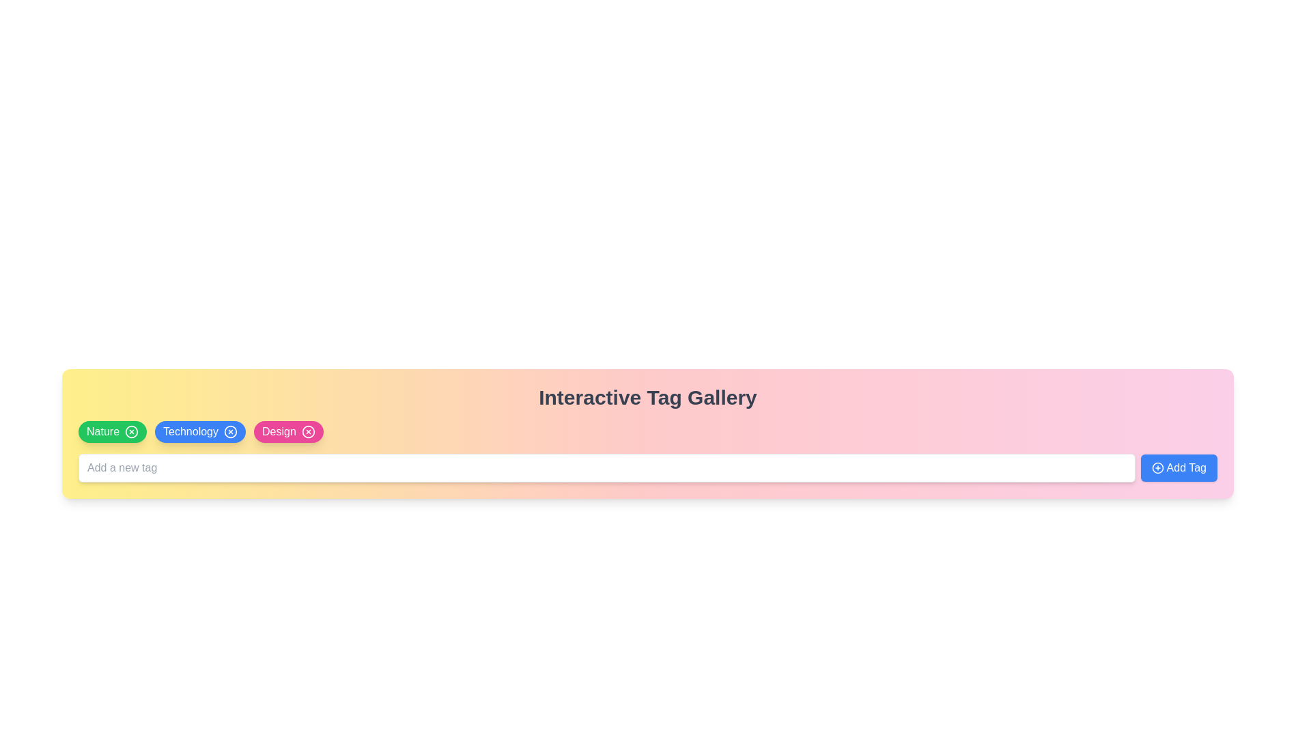  I want to click on the small circular close icon with a green outline located to the right of the 'Nature' text, so click(131, 431).